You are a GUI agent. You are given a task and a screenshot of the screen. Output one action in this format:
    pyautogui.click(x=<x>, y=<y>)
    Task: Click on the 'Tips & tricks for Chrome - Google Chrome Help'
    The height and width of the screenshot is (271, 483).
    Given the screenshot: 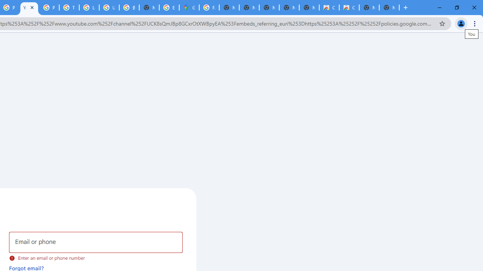 What is the action you would take?
    pyautogui.click(x=69, y=8)
    